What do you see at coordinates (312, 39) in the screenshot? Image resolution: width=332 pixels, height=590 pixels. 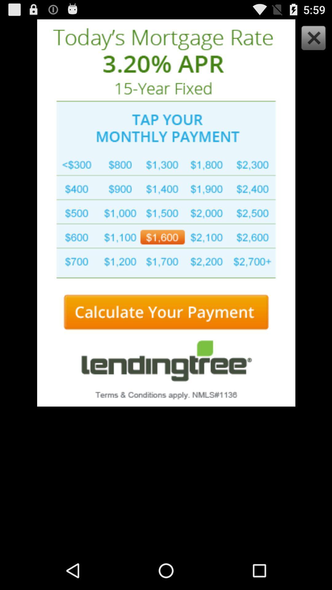 I see `cancel option` at bounding box center [312, 39].